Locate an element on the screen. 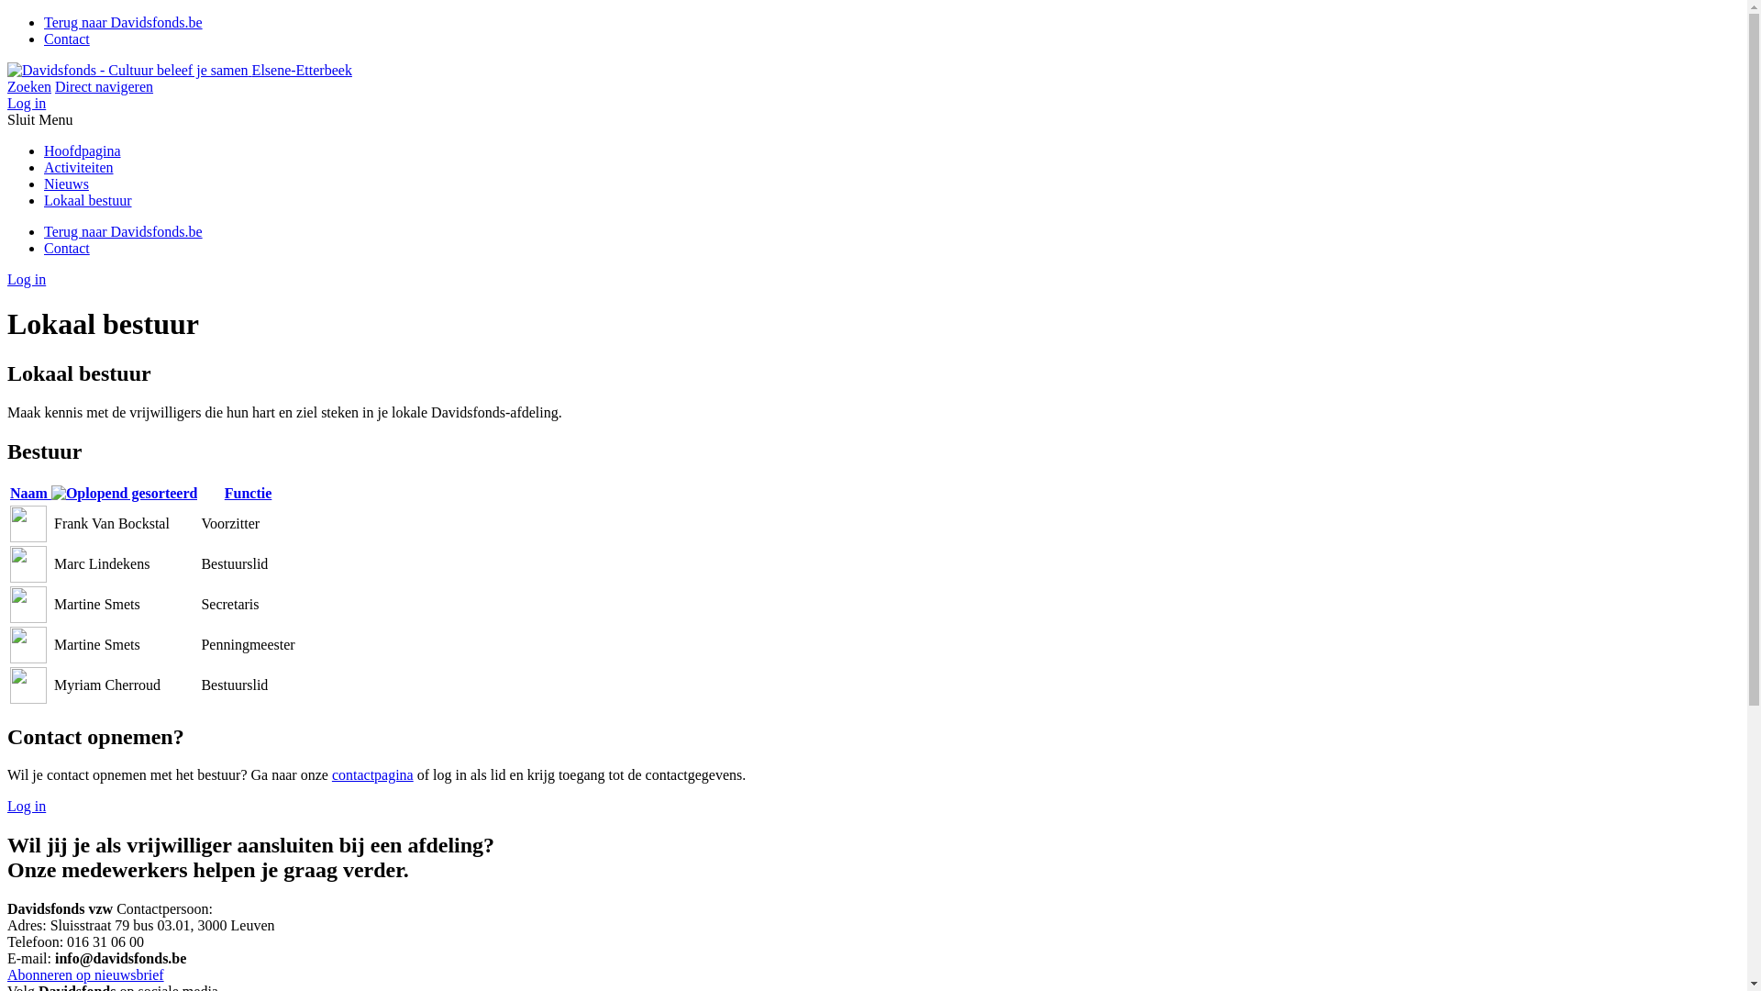 This screenshot has height=991, width=1761. 'Log in' is located at coordinates (26, 805).